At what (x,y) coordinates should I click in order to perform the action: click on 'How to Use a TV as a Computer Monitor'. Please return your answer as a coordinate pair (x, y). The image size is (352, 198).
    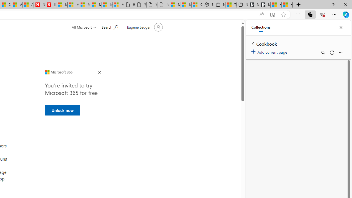
    Looking at the image, I should click on (287, 5).